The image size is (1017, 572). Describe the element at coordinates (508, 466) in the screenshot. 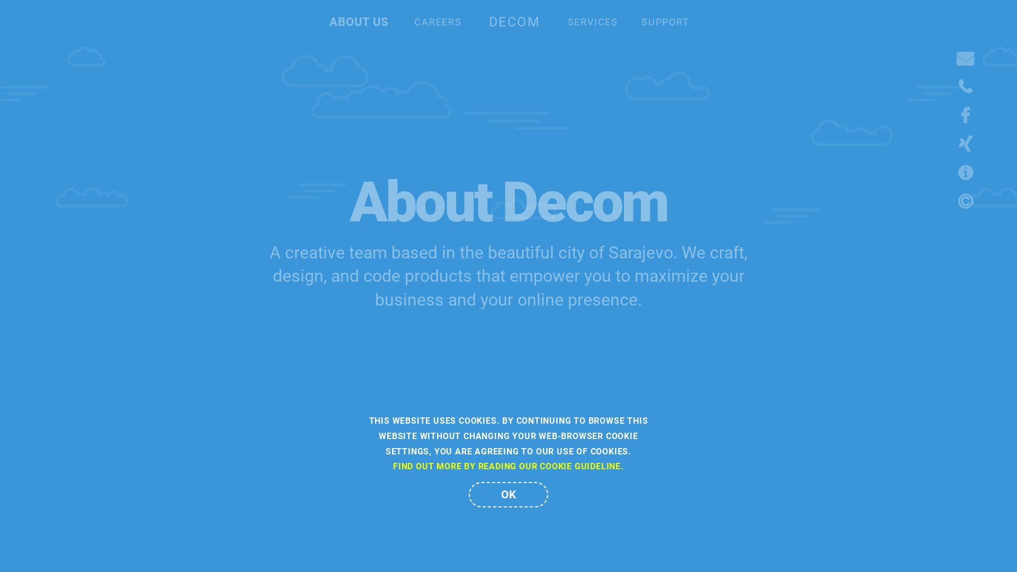

I see `'FIND OUT MORE BY READING OUR COOKIE GUIDELINE.'` at that location.